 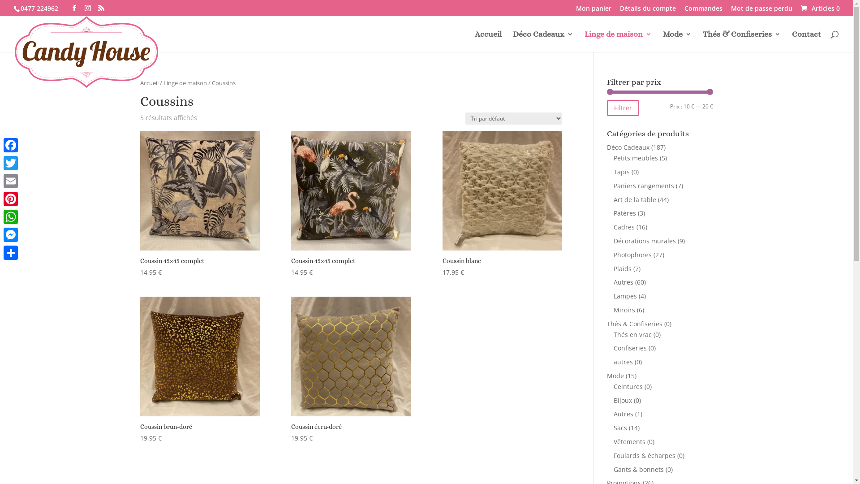 I want to click on 'Mode', so click(x=615, y=376).